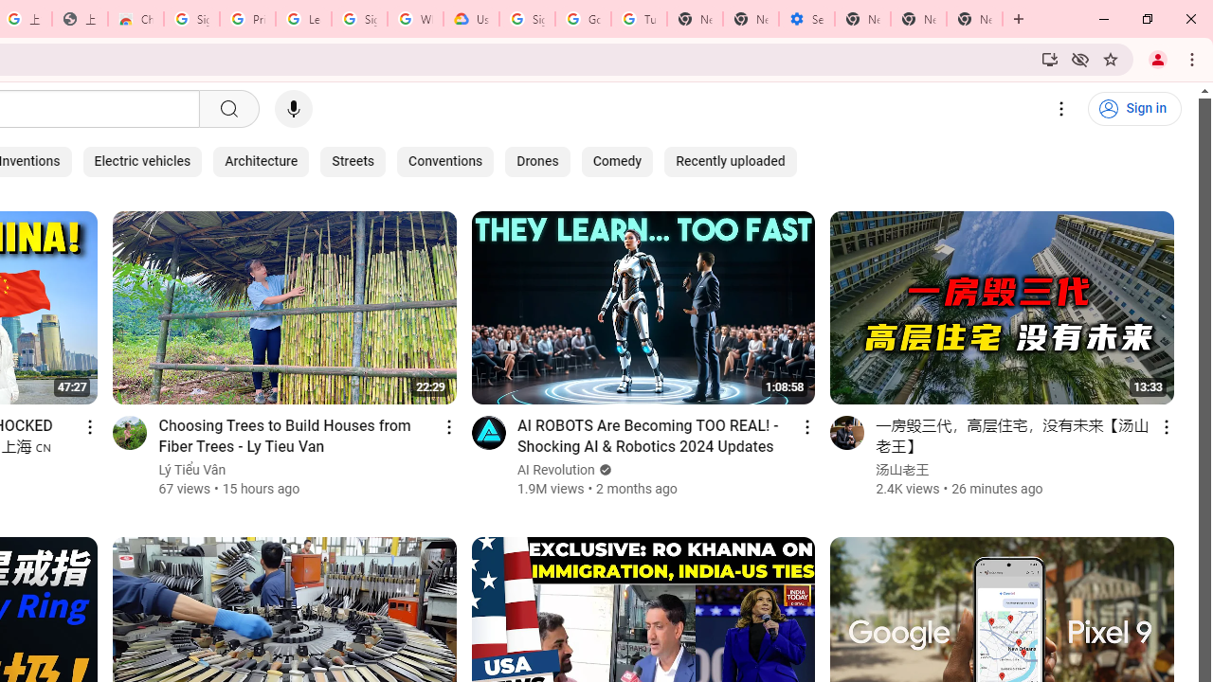 The image size is (1213, 682). Describe the element at coordinates (292, 109) in the screenshot. I see `'Search with your voice'` at that location.